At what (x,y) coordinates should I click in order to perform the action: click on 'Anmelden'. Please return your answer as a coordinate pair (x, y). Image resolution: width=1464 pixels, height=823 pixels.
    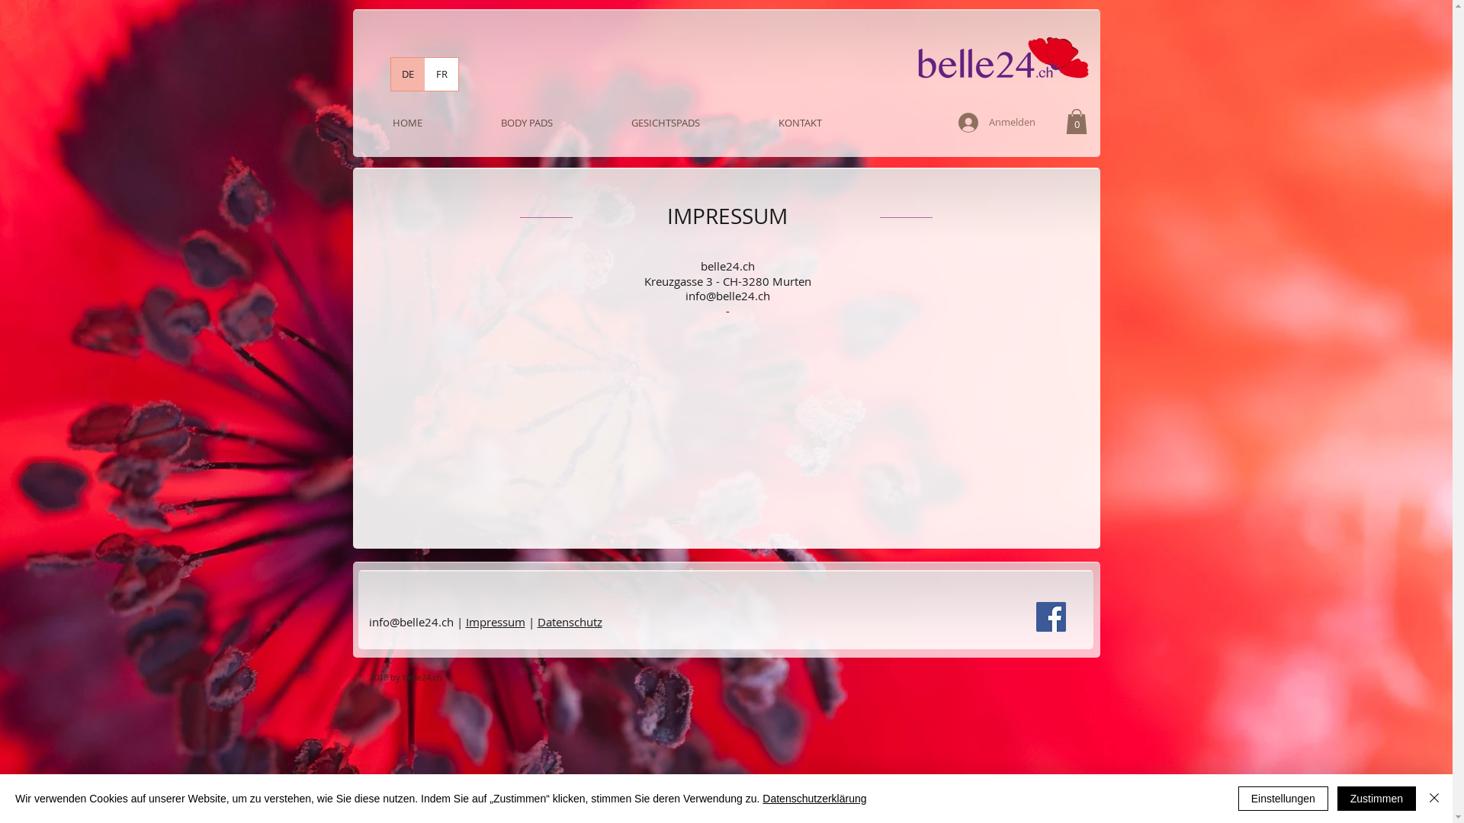
    Looking at the image, I should click on (946, 122).